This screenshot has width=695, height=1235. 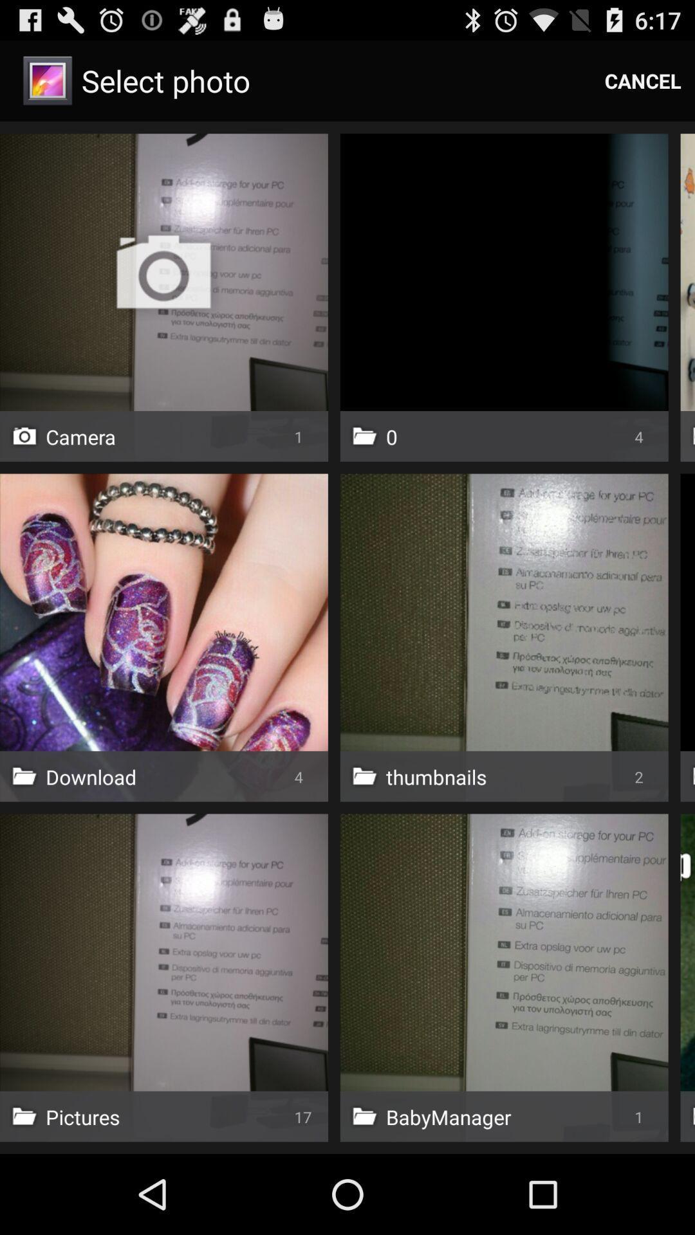 What do you see at coordinates (643, 80) in the screenshot?
I see `the item at the top right corner` at bounding box center [643, 80].